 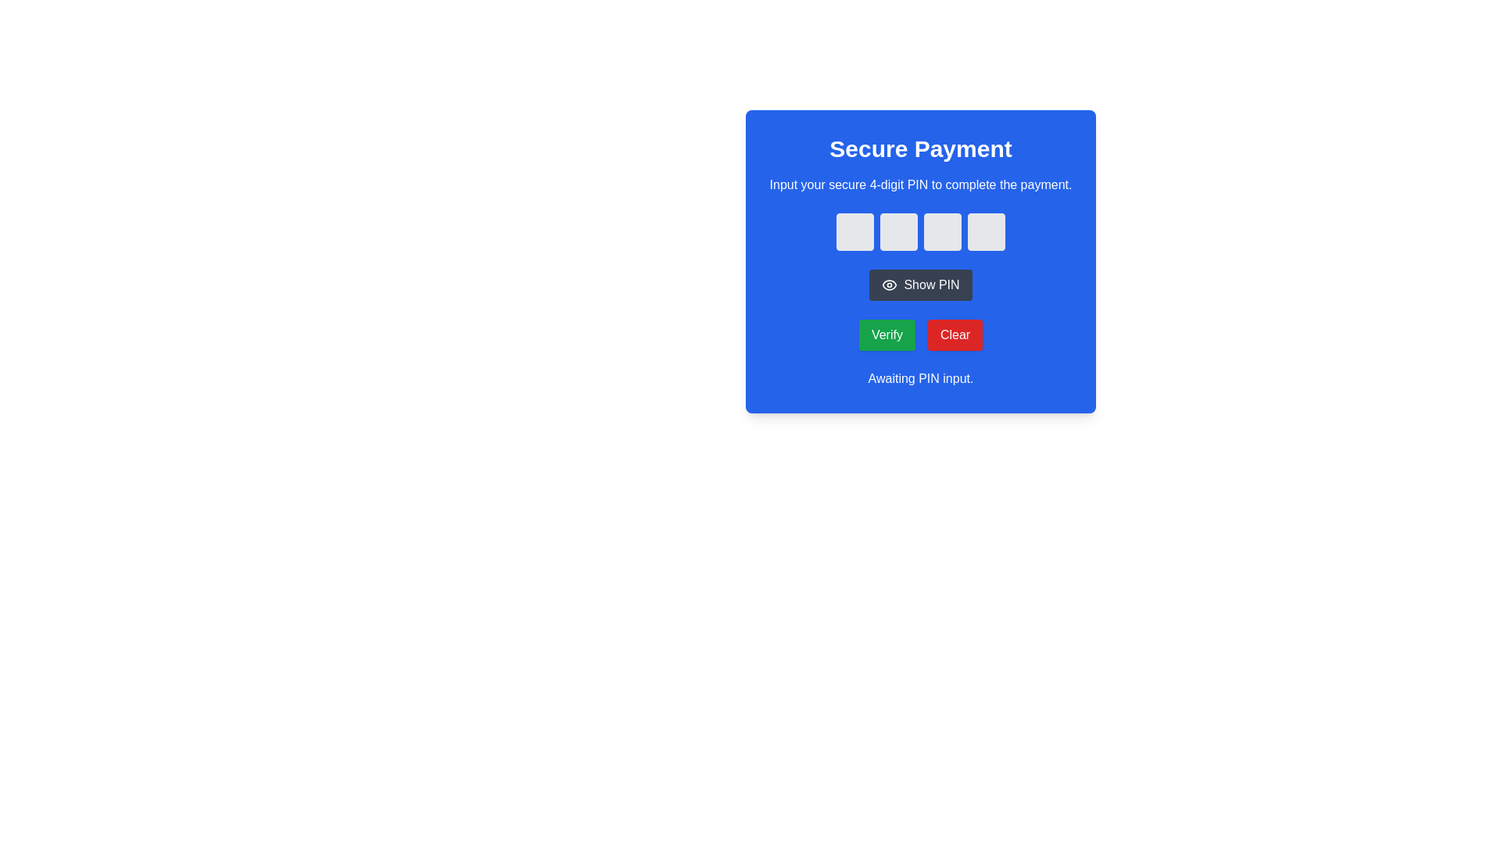 What do you see at coordinates (931, 285) in the screenshot?
I see `the text label within the button that toggles the visibility of the PIN input field` at bounding box center [931, 285].